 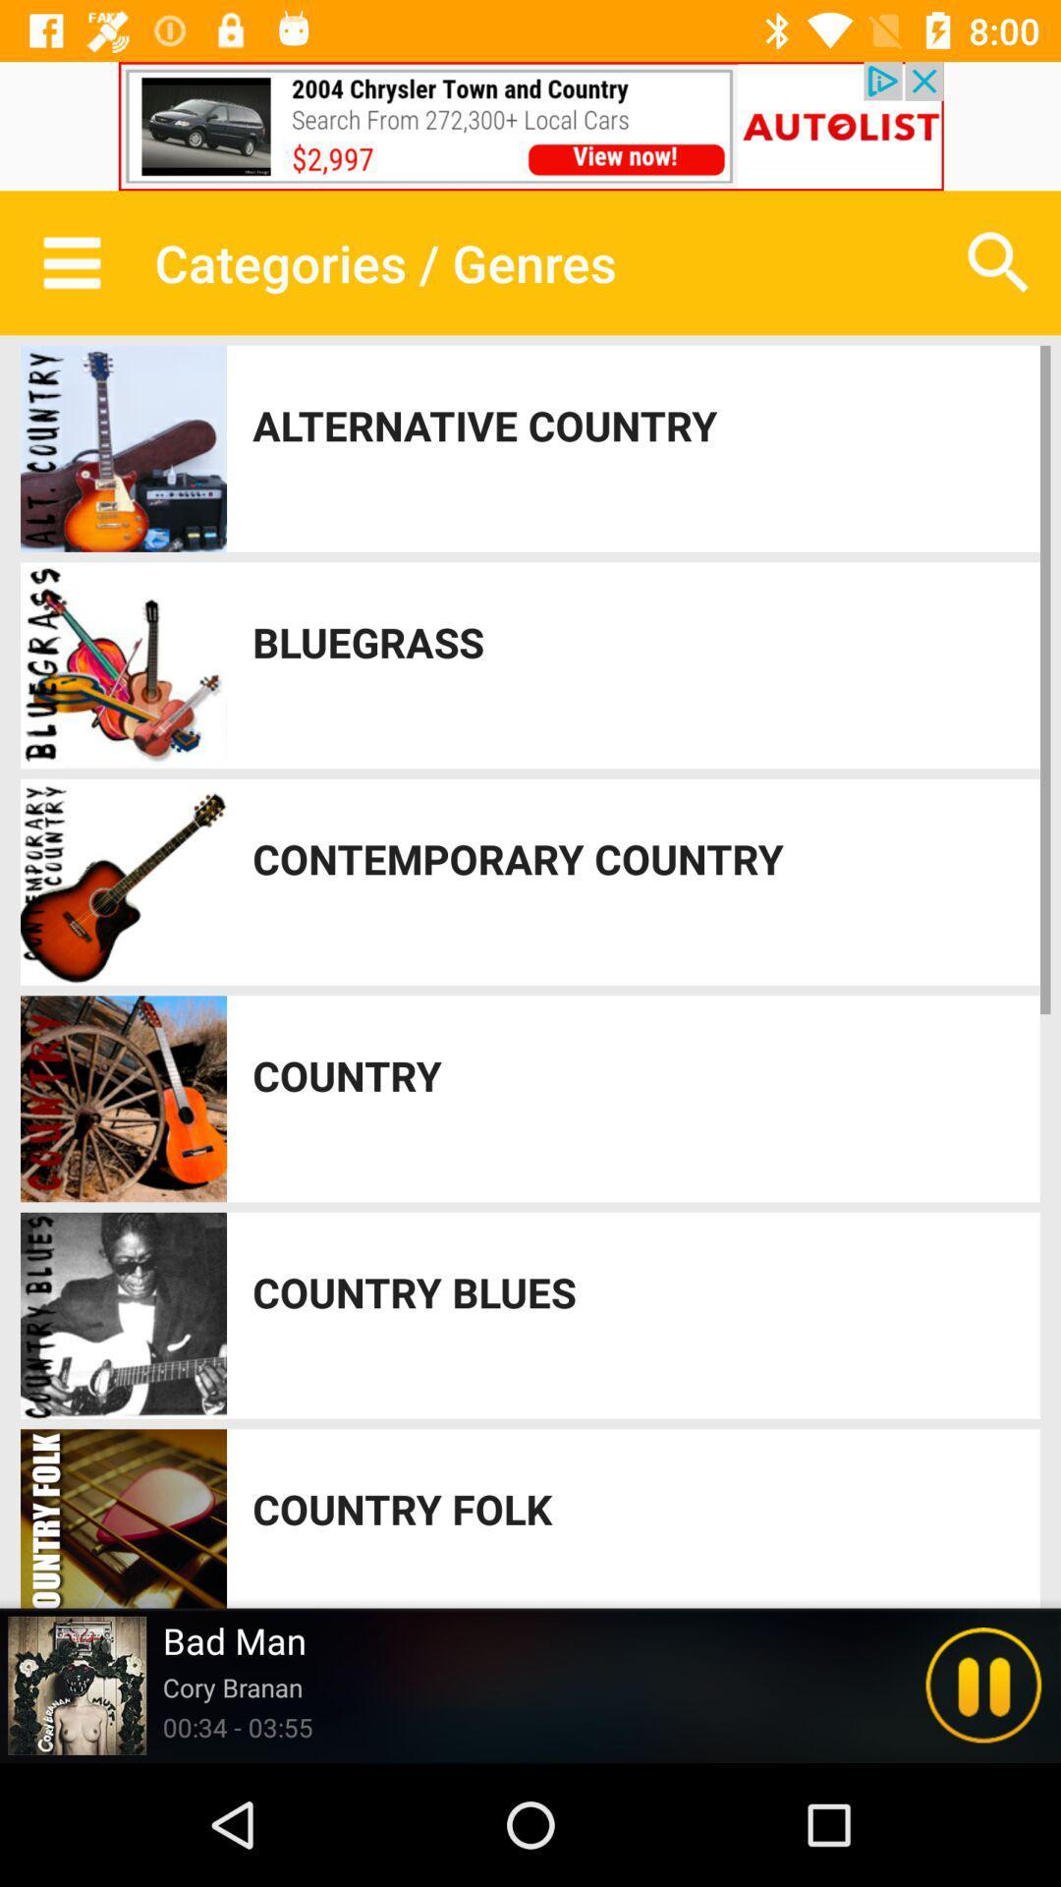 What do you see at coordinates (530, 125) in the screenshot?
I see `advertisement` at bounding box center [530, 125].